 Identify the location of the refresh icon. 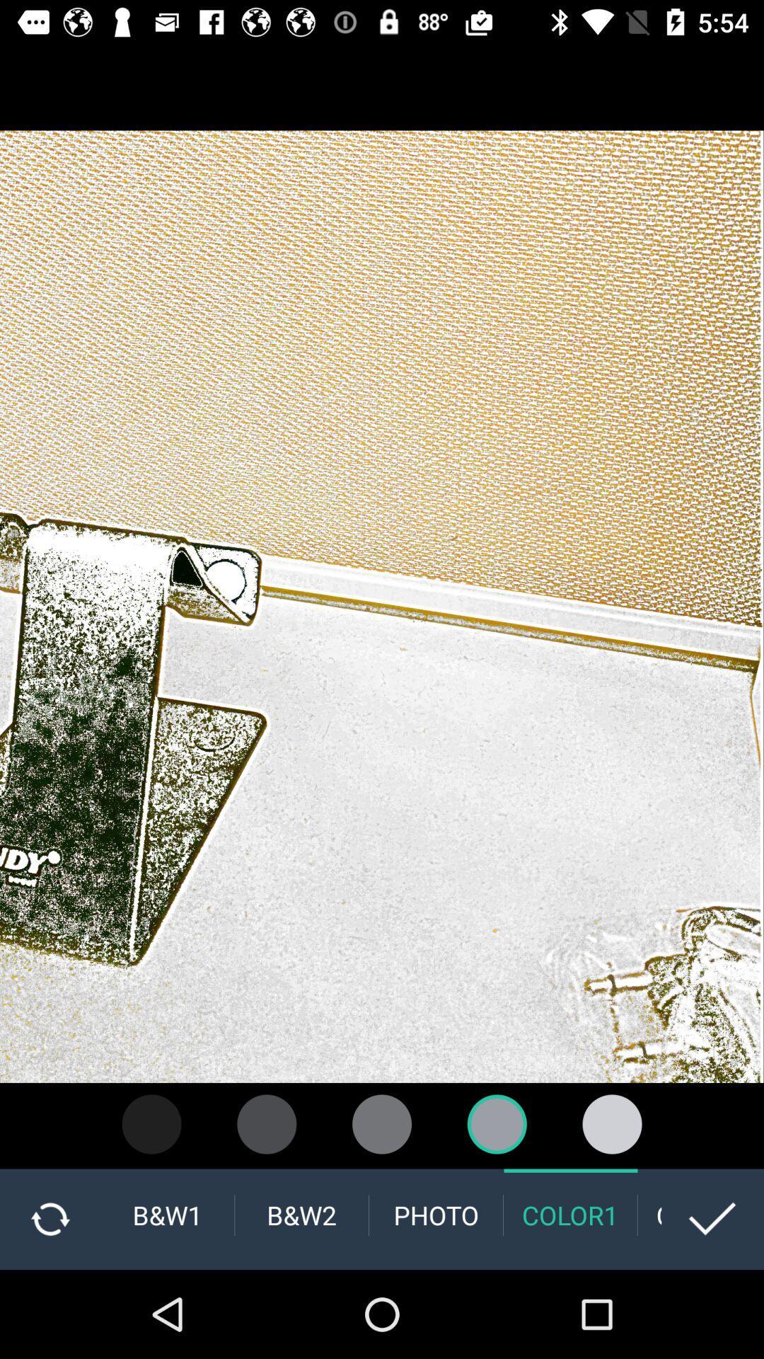
(50, 1218).